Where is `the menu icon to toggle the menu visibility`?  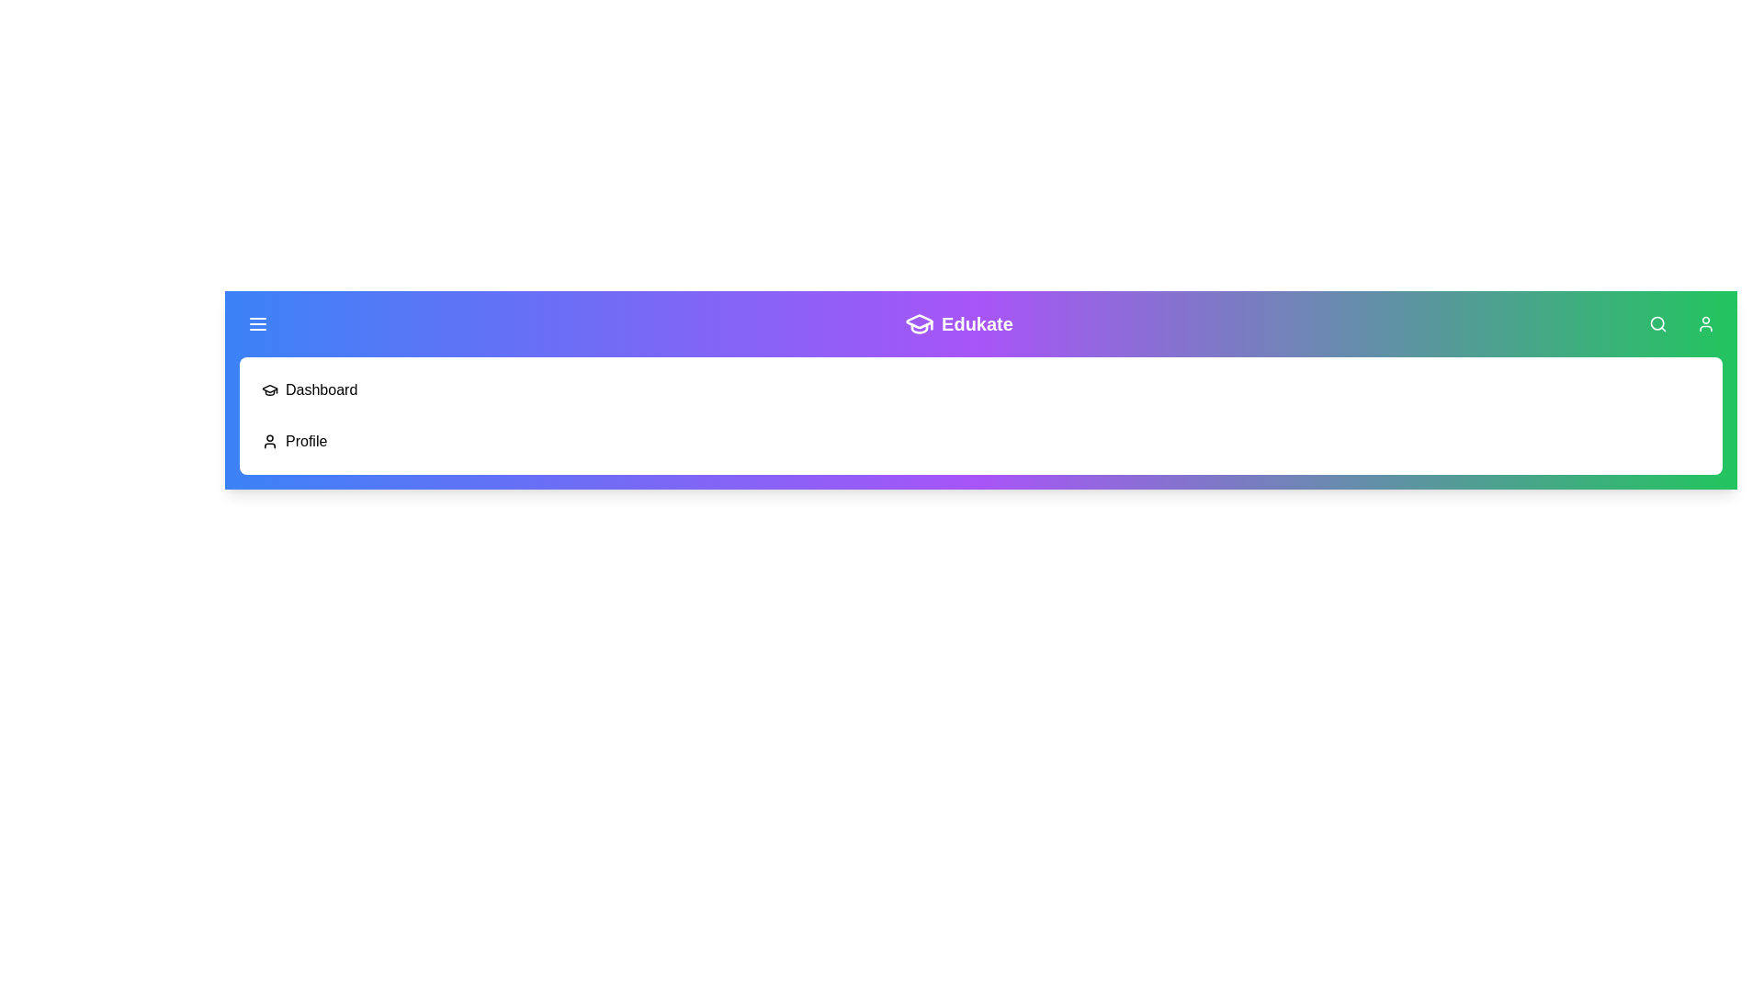 the menu icon to toggle the menu visibility is located at coordinates (257, 323).